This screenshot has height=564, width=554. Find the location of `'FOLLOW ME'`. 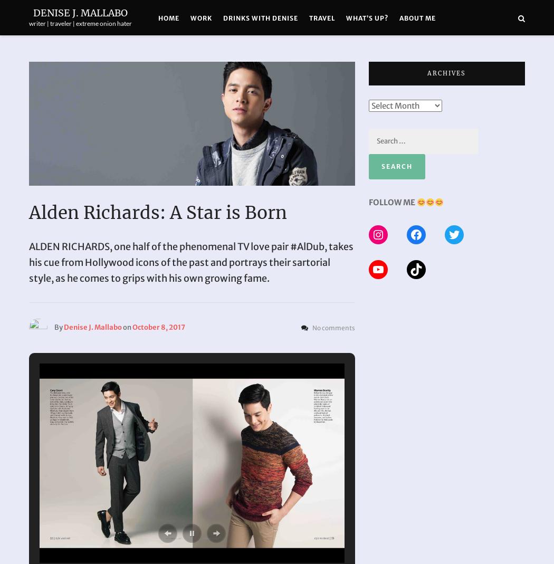

'FOLLOW ME' is located at coordinates (391, 202).